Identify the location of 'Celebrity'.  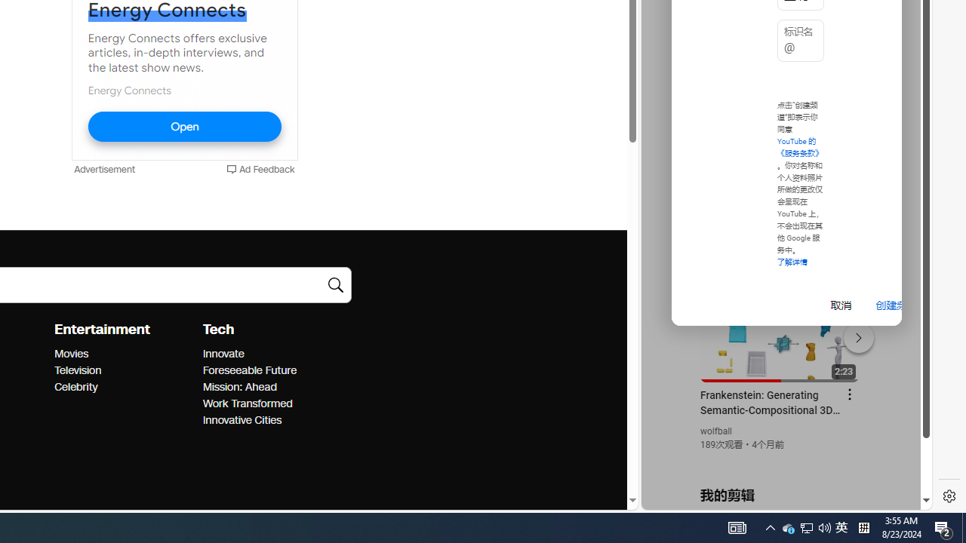
(124, 386).